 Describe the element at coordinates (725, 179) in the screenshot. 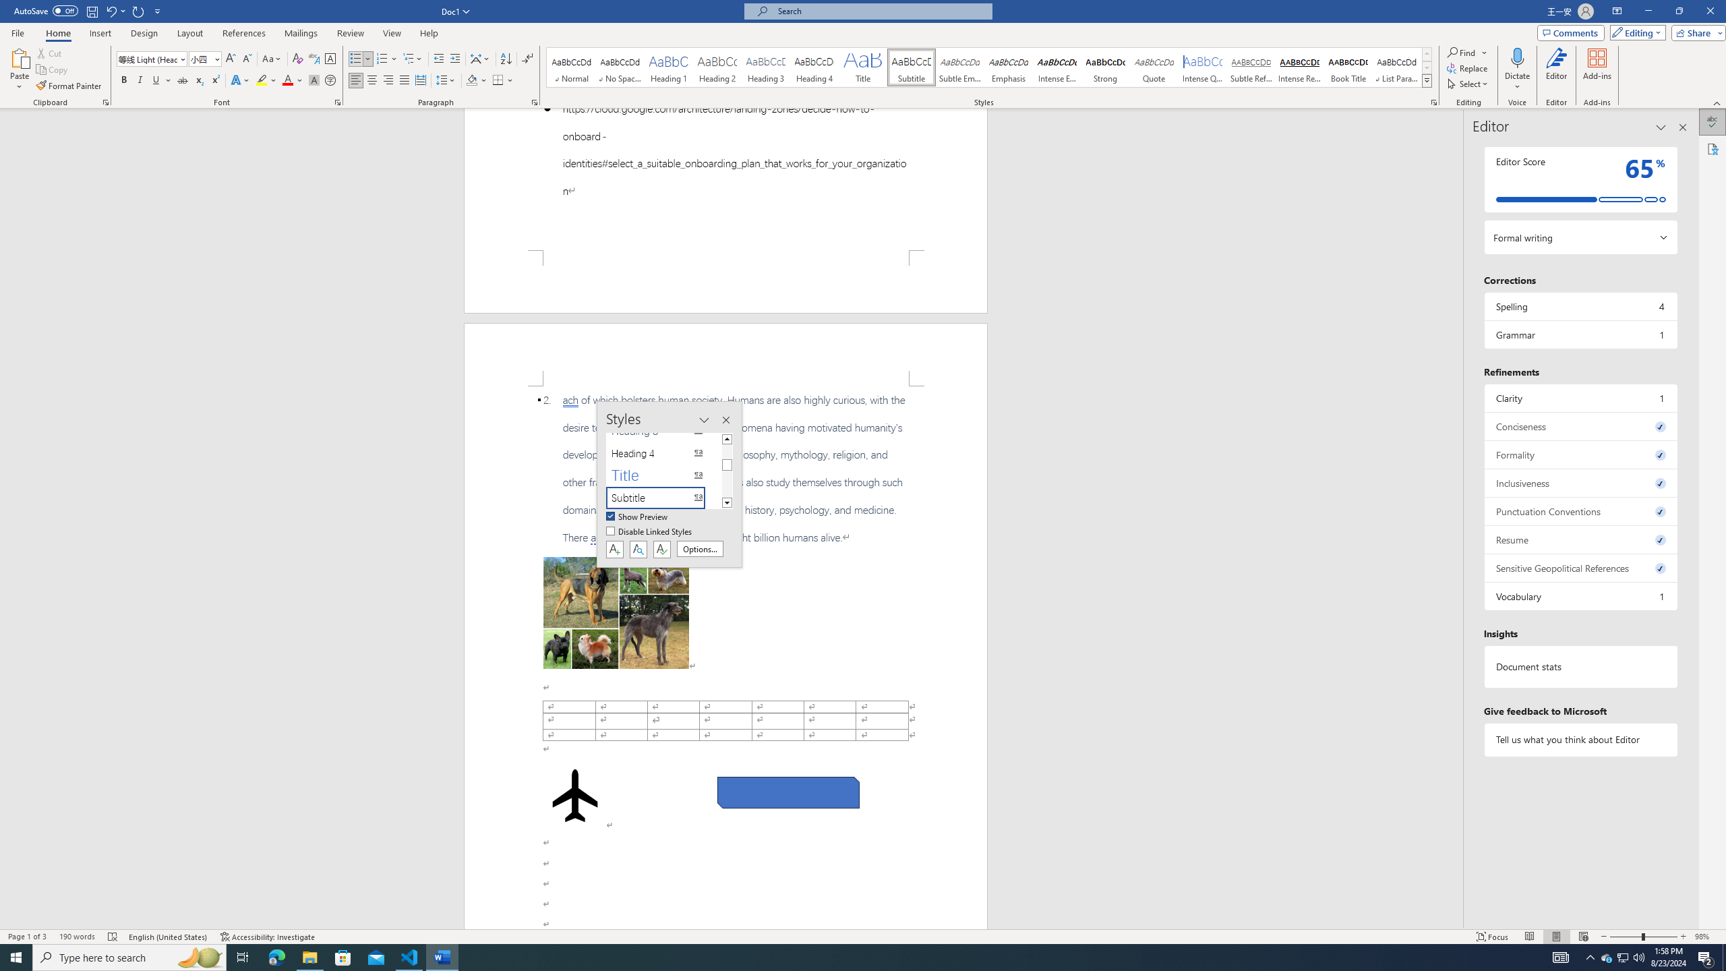

I see `'Page 1 content'` at that location.